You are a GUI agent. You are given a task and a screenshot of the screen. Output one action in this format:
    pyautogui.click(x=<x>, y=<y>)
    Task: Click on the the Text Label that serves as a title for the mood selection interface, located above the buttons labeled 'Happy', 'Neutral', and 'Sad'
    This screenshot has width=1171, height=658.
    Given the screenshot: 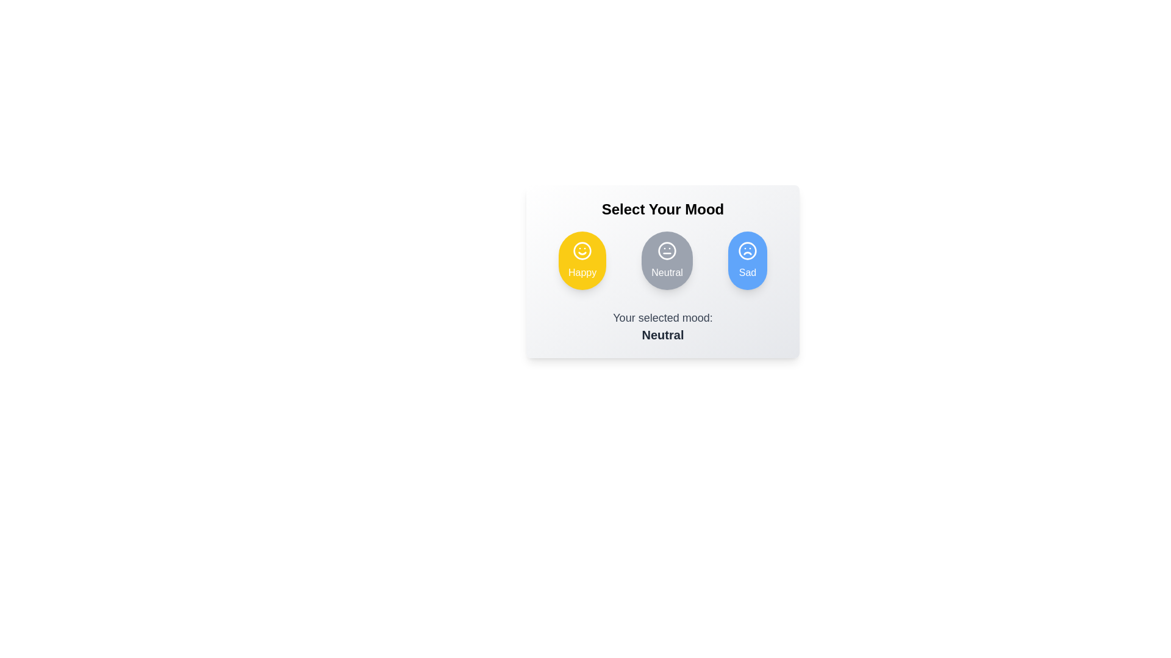 What is the action you would take?
    pyautogui.click(x=662, y=208)
    